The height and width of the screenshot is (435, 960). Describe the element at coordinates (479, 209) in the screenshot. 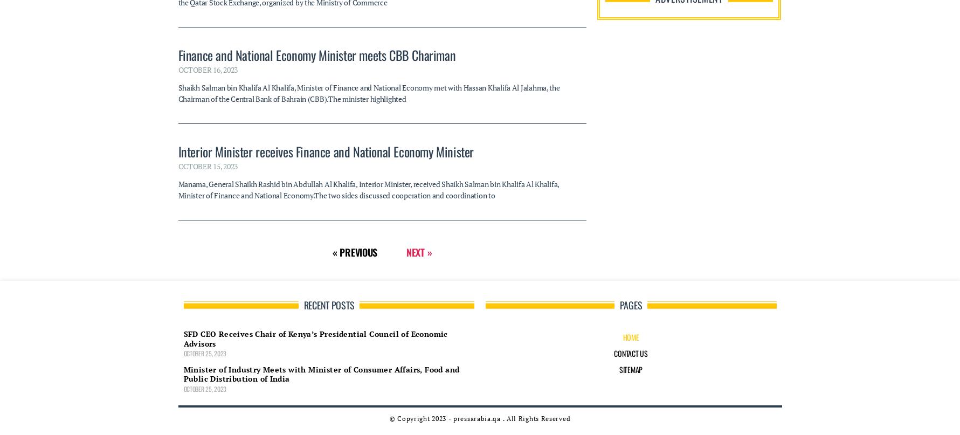

I see `'© Copyright 2023 - pressarabia.qa . All Rights Reserved'` at that location.